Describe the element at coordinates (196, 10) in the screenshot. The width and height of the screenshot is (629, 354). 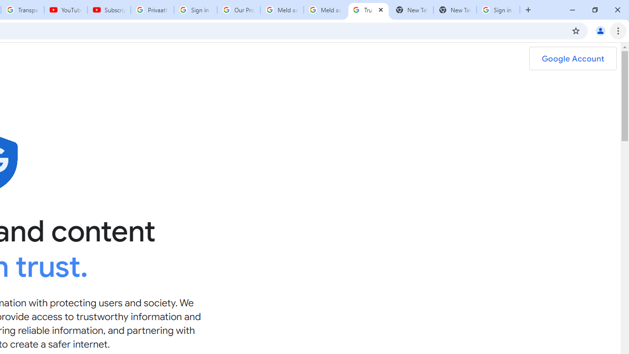
I see `'Sign in - Google Accounts'` at that location.